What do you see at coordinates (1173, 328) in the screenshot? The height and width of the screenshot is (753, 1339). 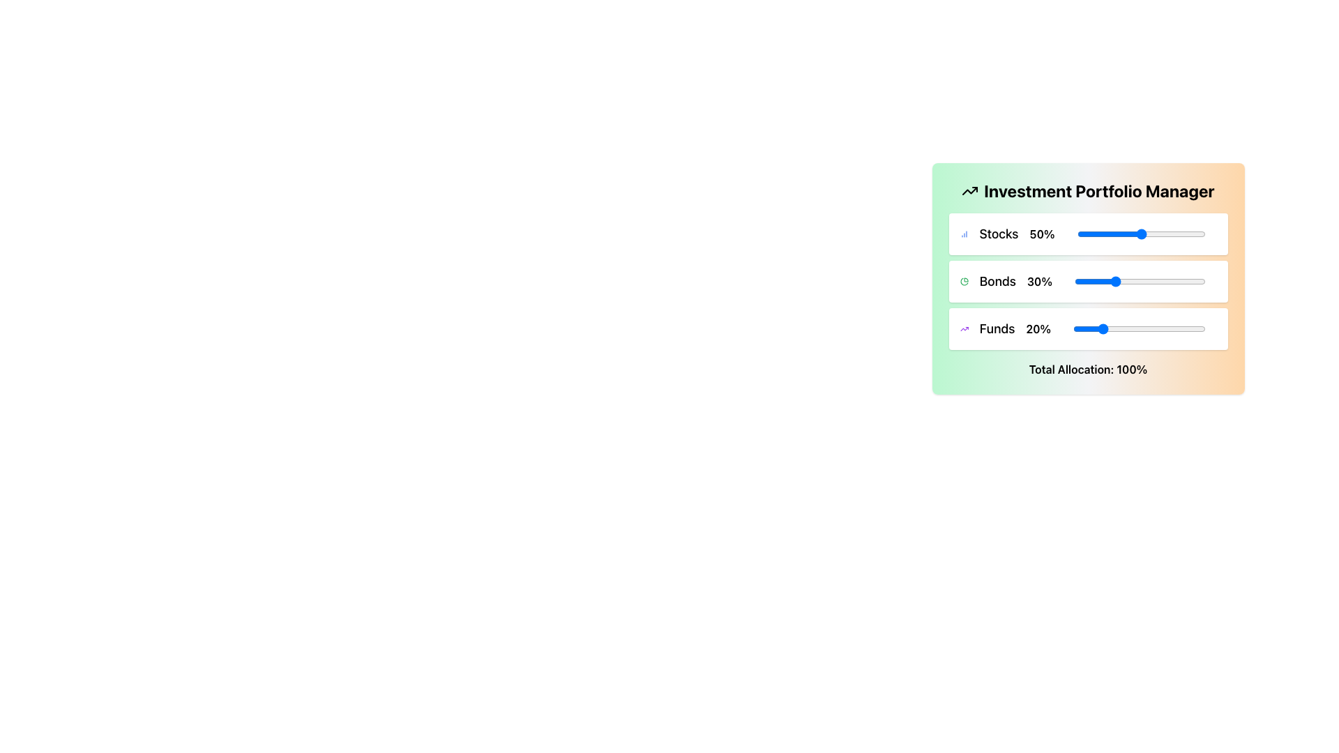 I see `the 'Funds' allocation` at bounding box center [1173, 328].